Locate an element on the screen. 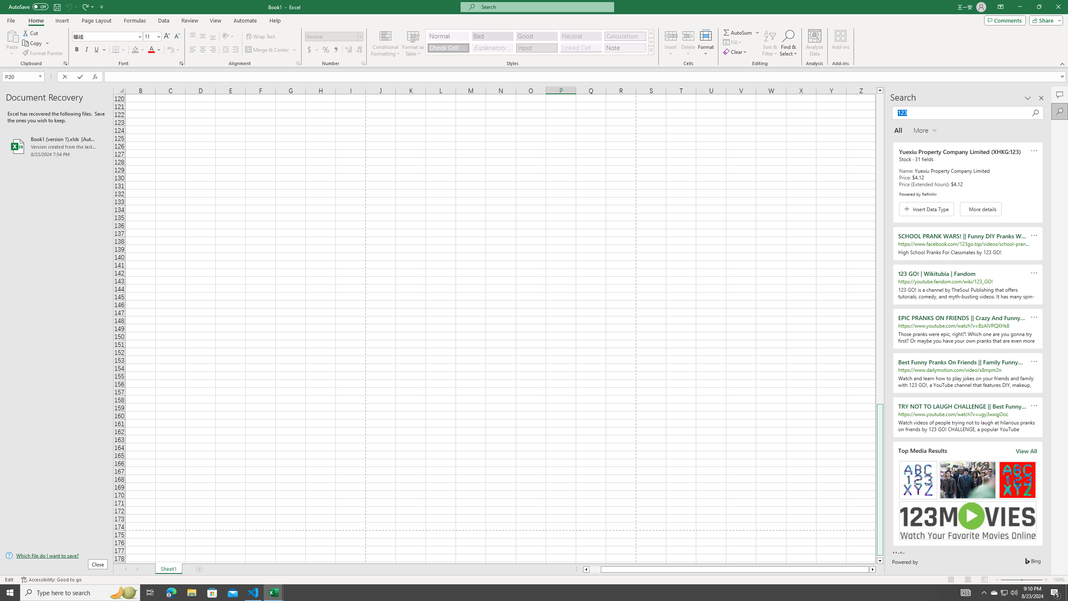  'Explanatory Text' is located at coordinates (493, 48).